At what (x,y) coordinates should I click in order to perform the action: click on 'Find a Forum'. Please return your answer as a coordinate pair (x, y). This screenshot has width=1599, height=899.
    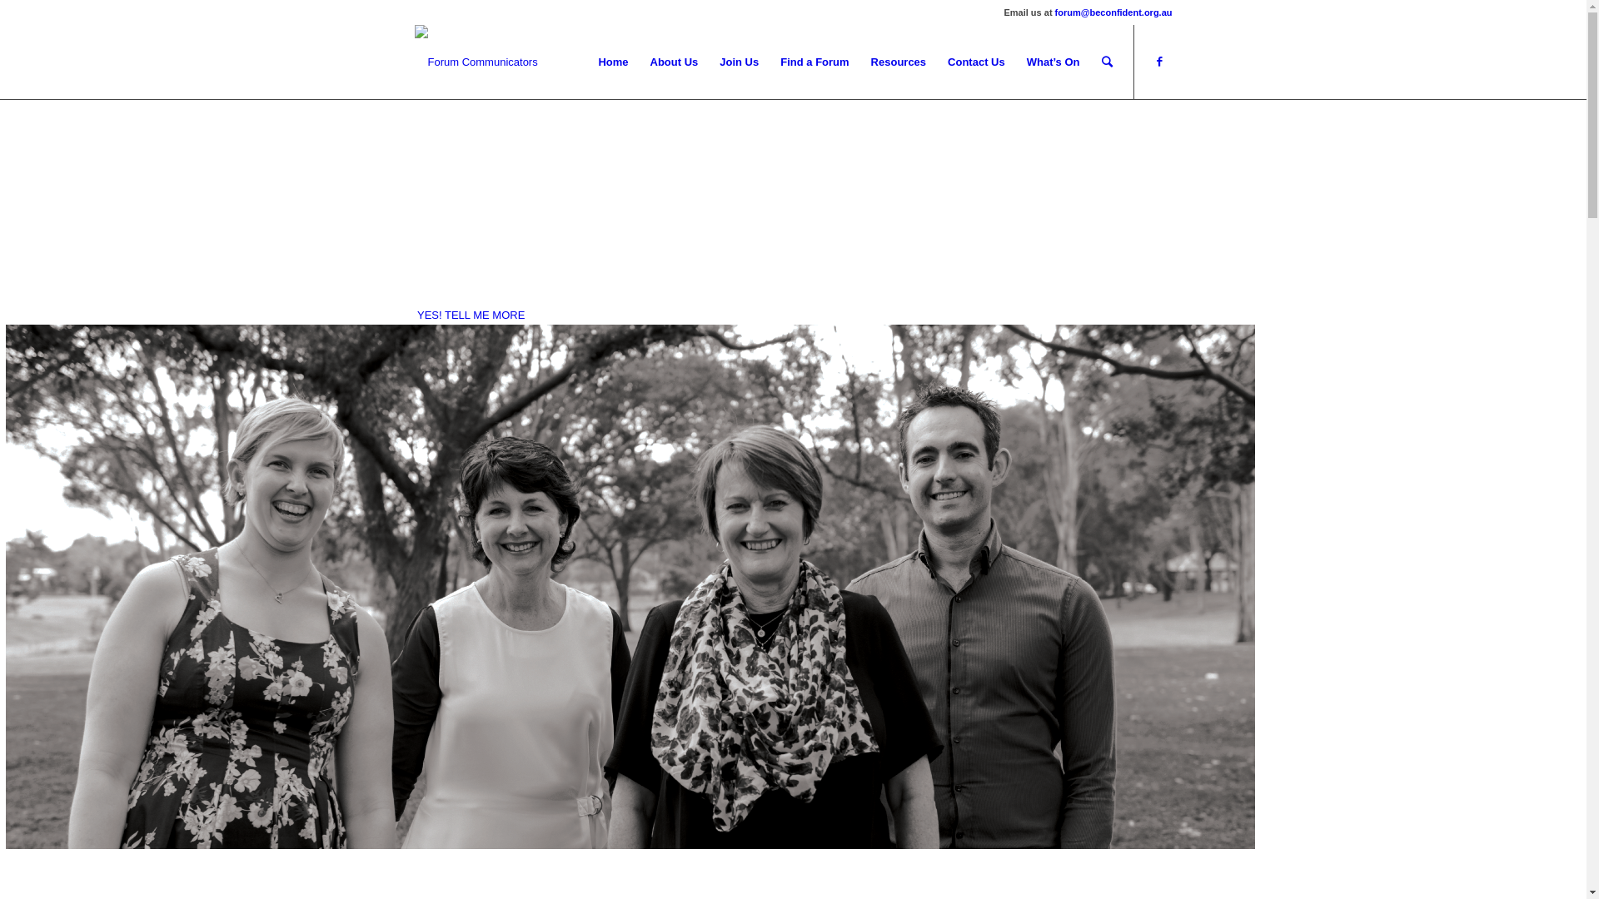
    Looking at the image, I should click on (814, 61).